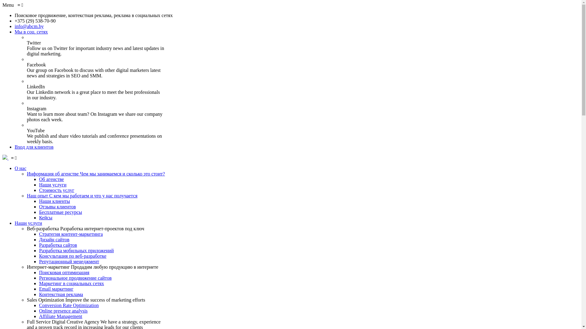 Image resolution: width=586 pixels, height=329 pixels. I want to click on 'Online presence analysis', so click(39, 311).